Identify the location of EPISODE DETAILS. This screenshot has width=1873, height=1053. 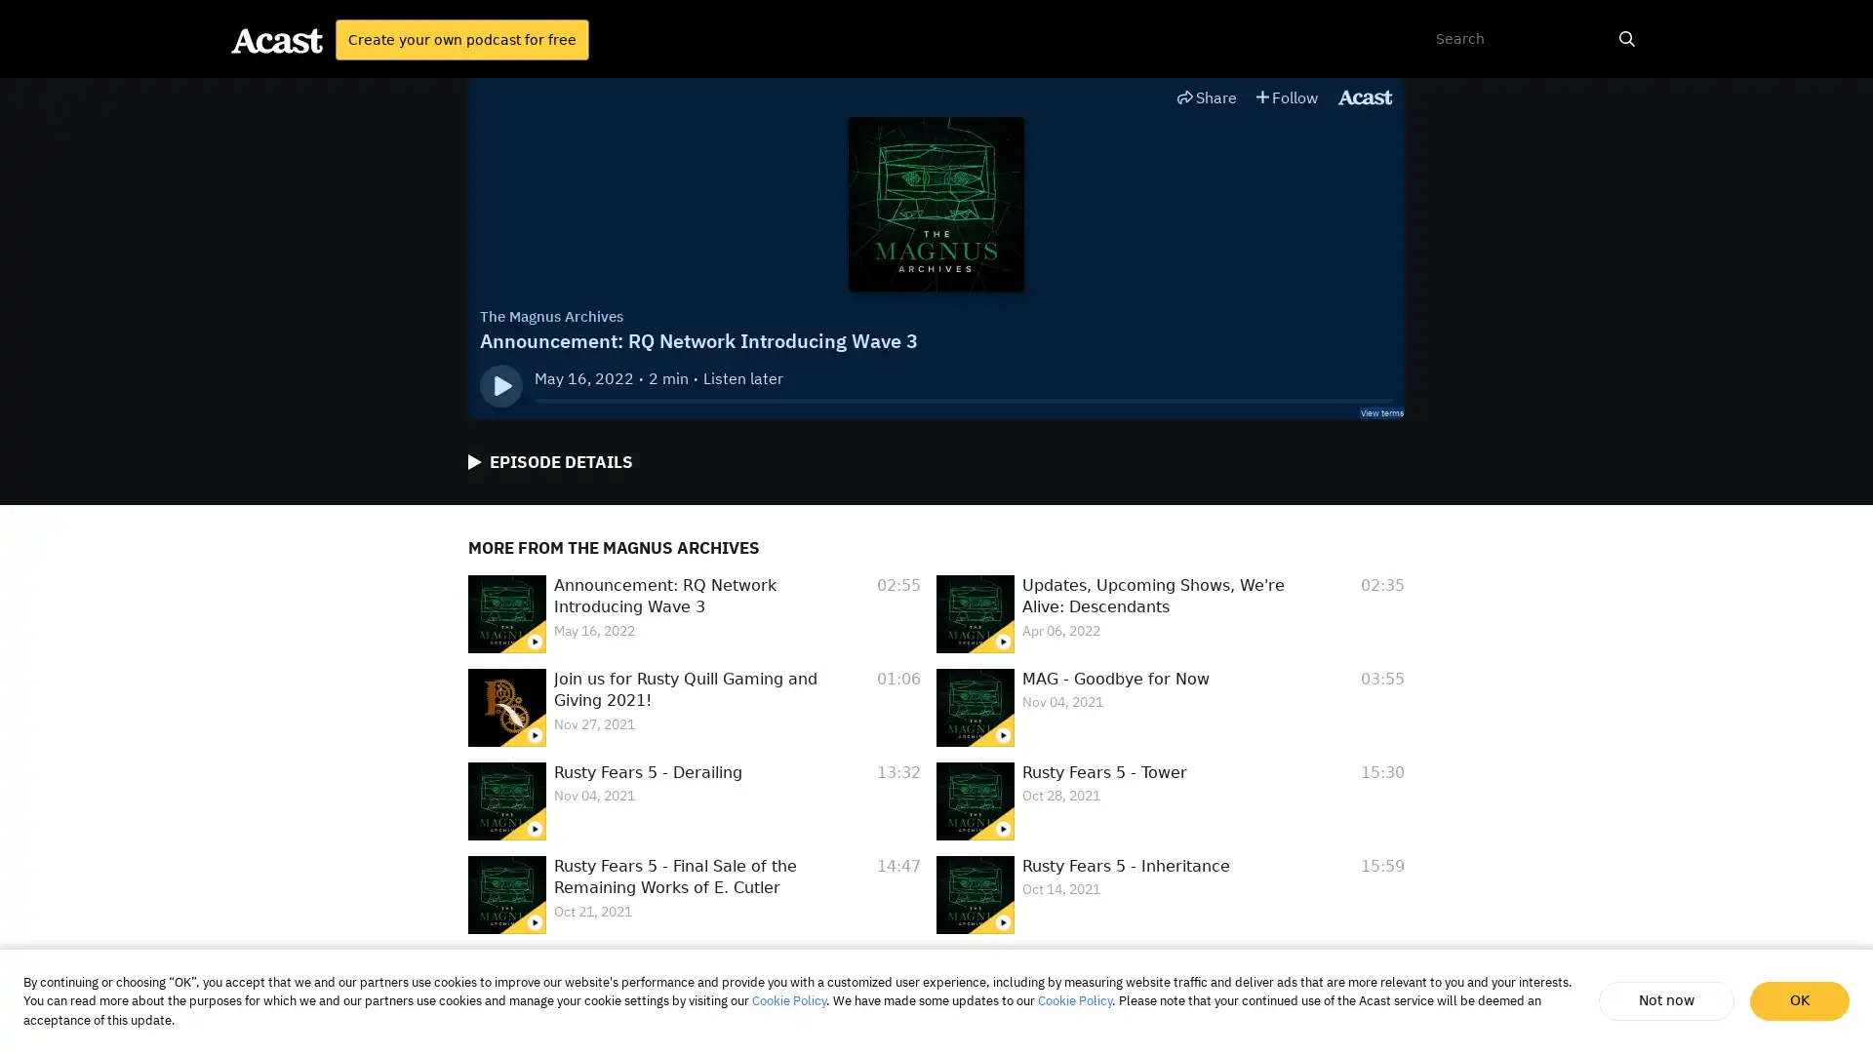
(549, 462).